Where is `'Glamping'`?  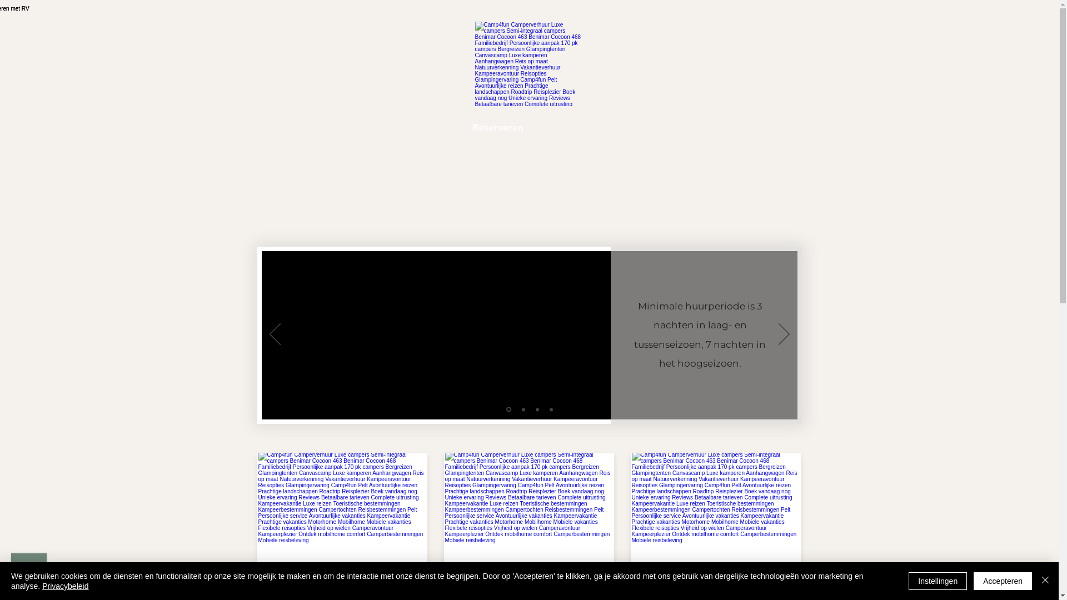
'Glamping' is located at coordinates (716, 126).